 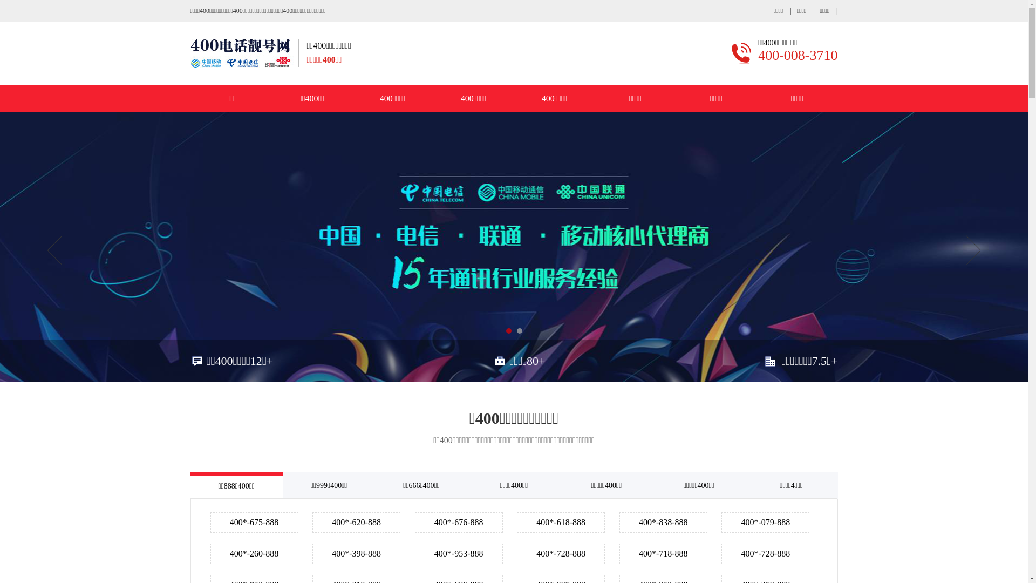 What do you see at coordinates (414, 554) in the screenshot?
I see `'400*-953-888'` at bounding box center [414, 554].